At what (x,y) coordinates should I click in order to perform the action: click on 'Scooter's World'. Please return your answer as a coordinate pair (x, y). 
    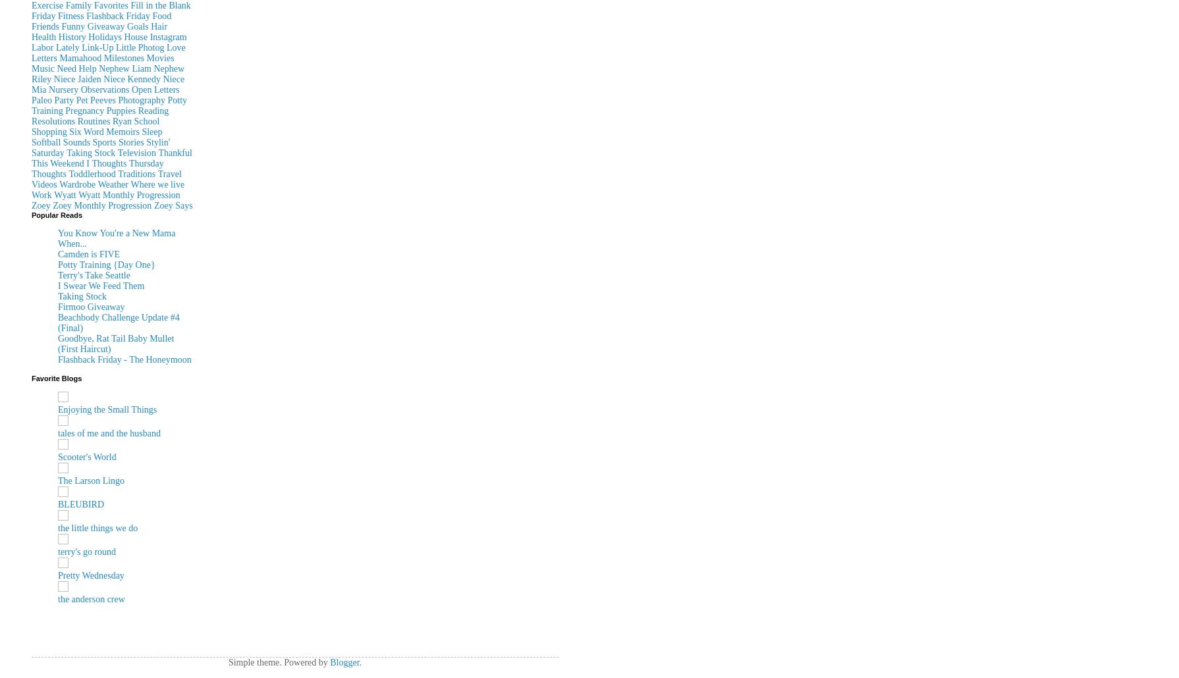
    Looking at the image, I should click on (86, 457).